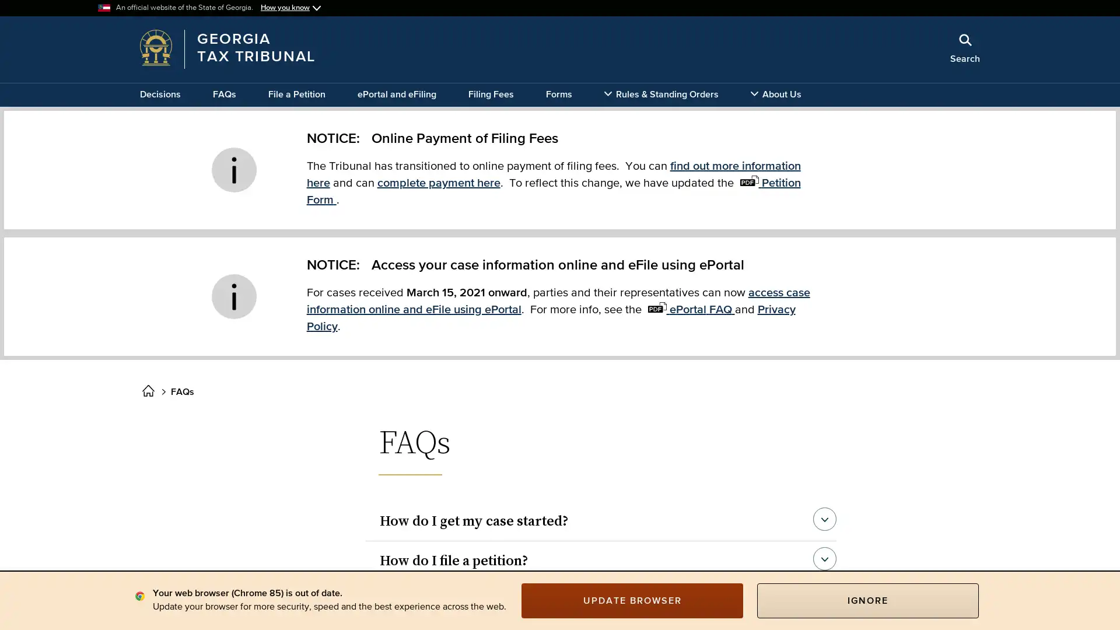  What do you see at coordinates (965, 50) in the screenshot?
I see `Search` at bounding box center [965, 50].